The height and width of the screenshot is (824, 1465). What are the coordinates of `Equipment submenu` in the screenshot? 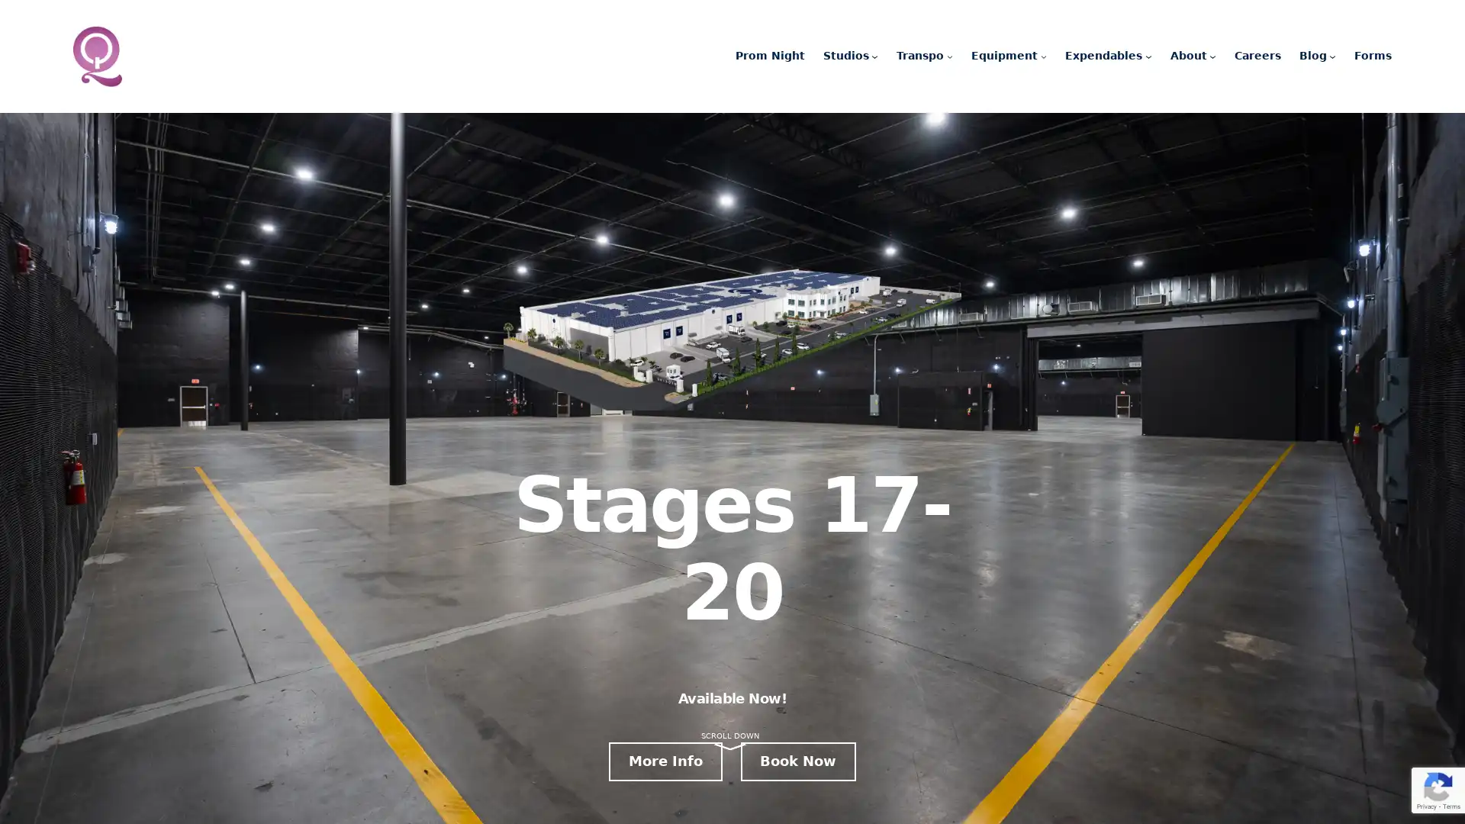 It's located at (1042, 55).